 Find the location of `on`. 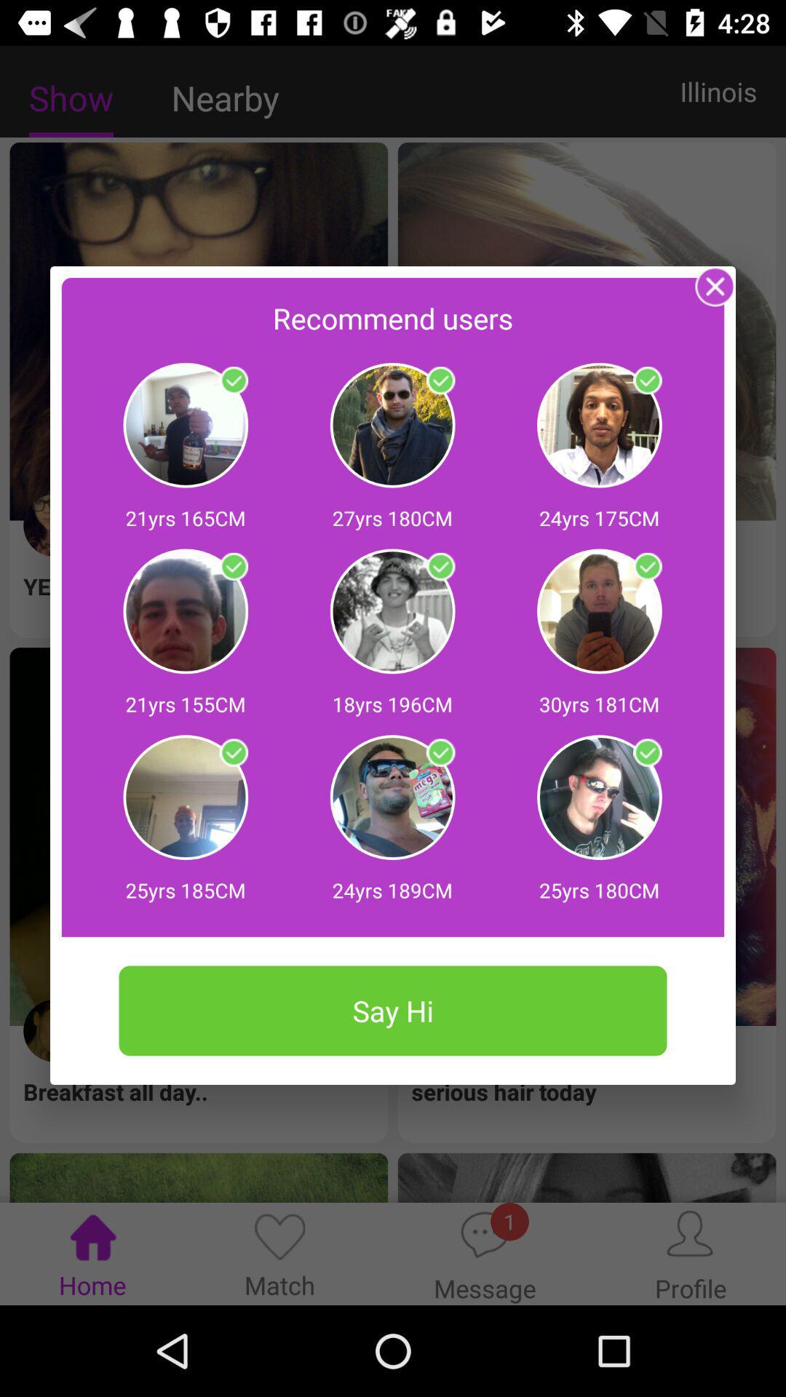

on is located at coordinates (440, 753).